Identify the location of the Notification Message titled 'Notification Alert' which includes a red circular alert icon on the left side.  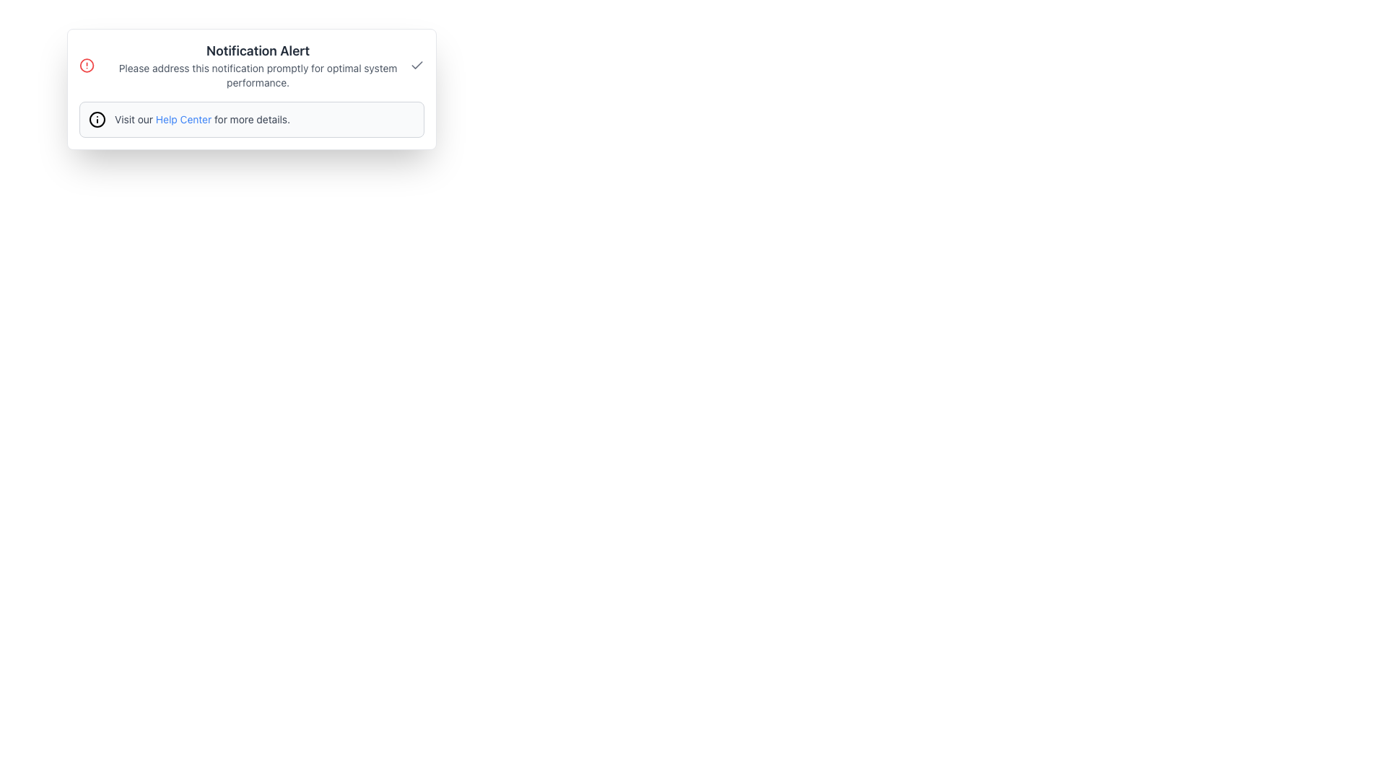
(245, 66).